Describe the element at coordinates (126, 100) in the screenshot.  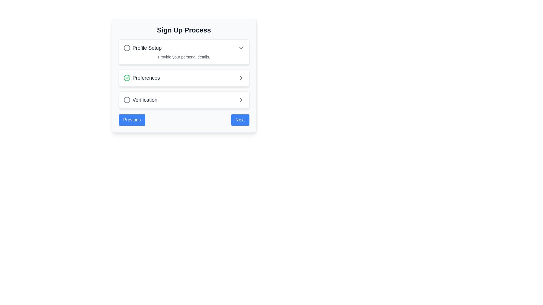
I see `the empty circular Icon (SVG Circle) indicating the completion status of the 'Verification' step, located to the left of the 'Verification' label in the third step of a vertically stacked list of steps` at that location.